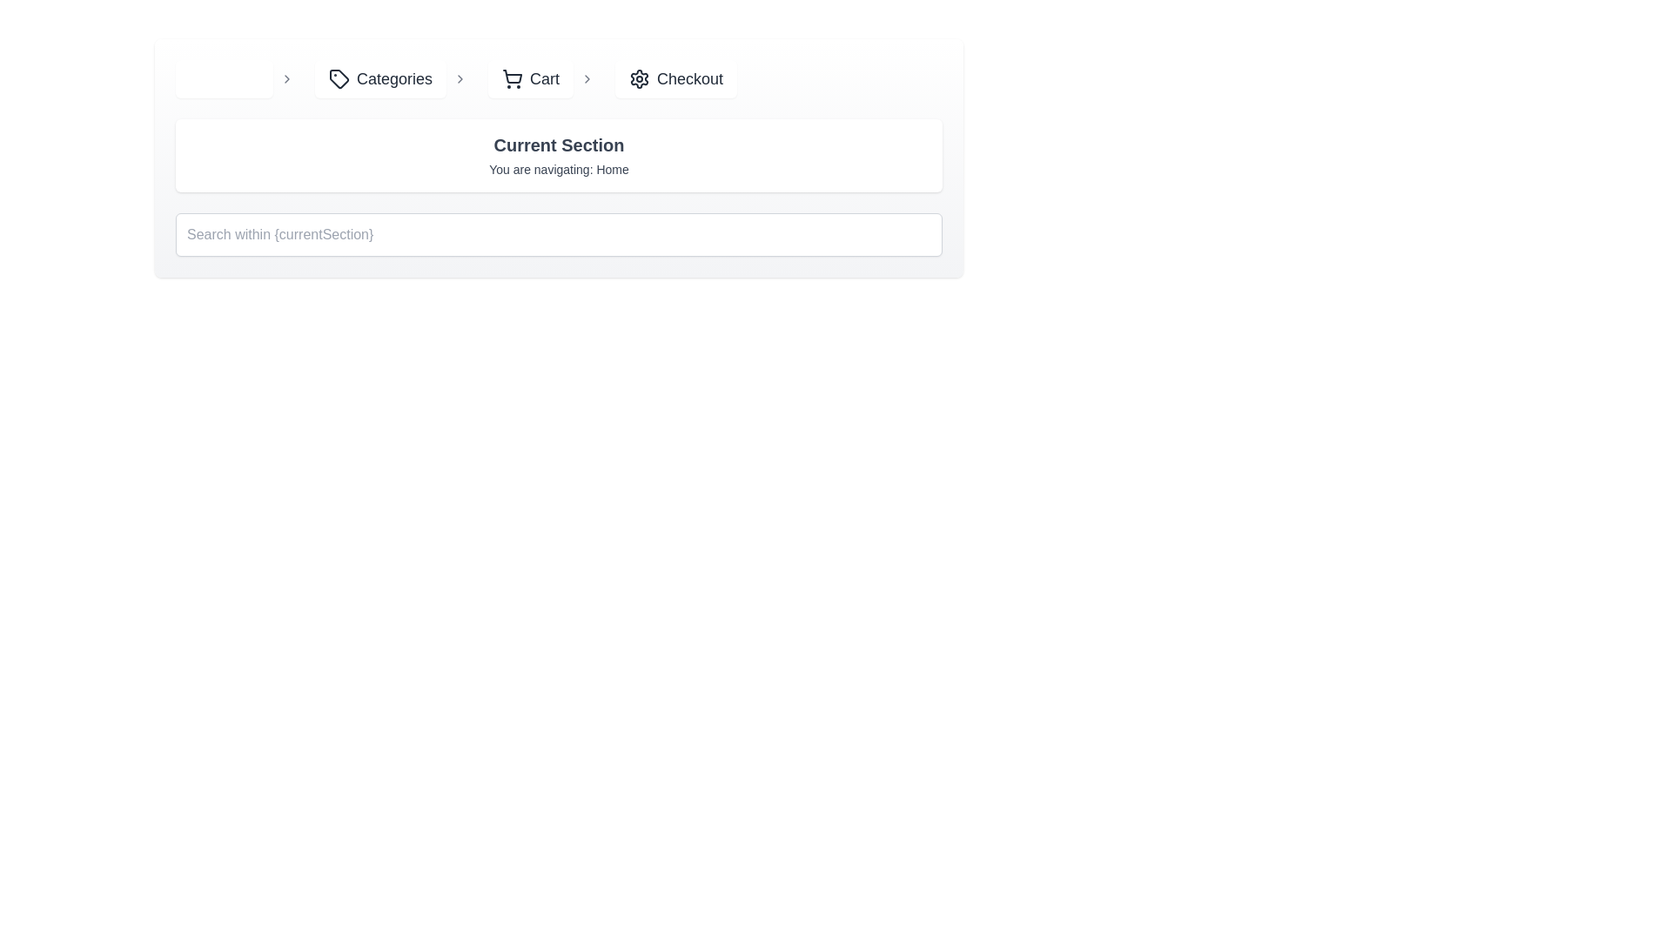 This screenshot has height=940, width=1671. What do you see at coordinates (639, 79) in the screenshot?
I see `the settings icon located in the upper-right section of the interface` at bounding box center [639, 79].